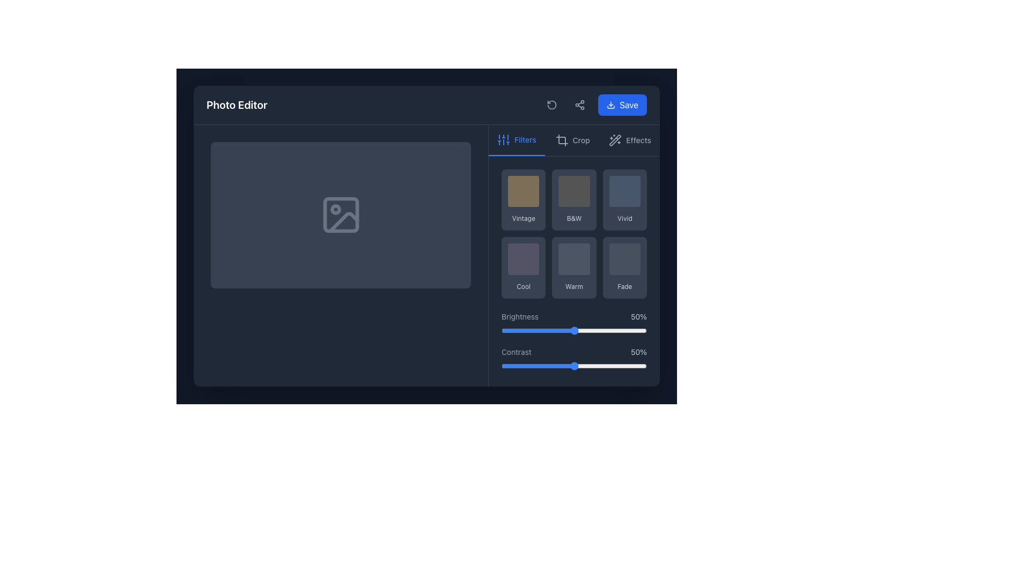 The width and height of the screenshot is (1030, 579). Describe the element at coordinates (610, 105) in the screenshot. I see `the 'Save' button that includes the download icon on its left side, located at the top-right corner of the interface` at that location.